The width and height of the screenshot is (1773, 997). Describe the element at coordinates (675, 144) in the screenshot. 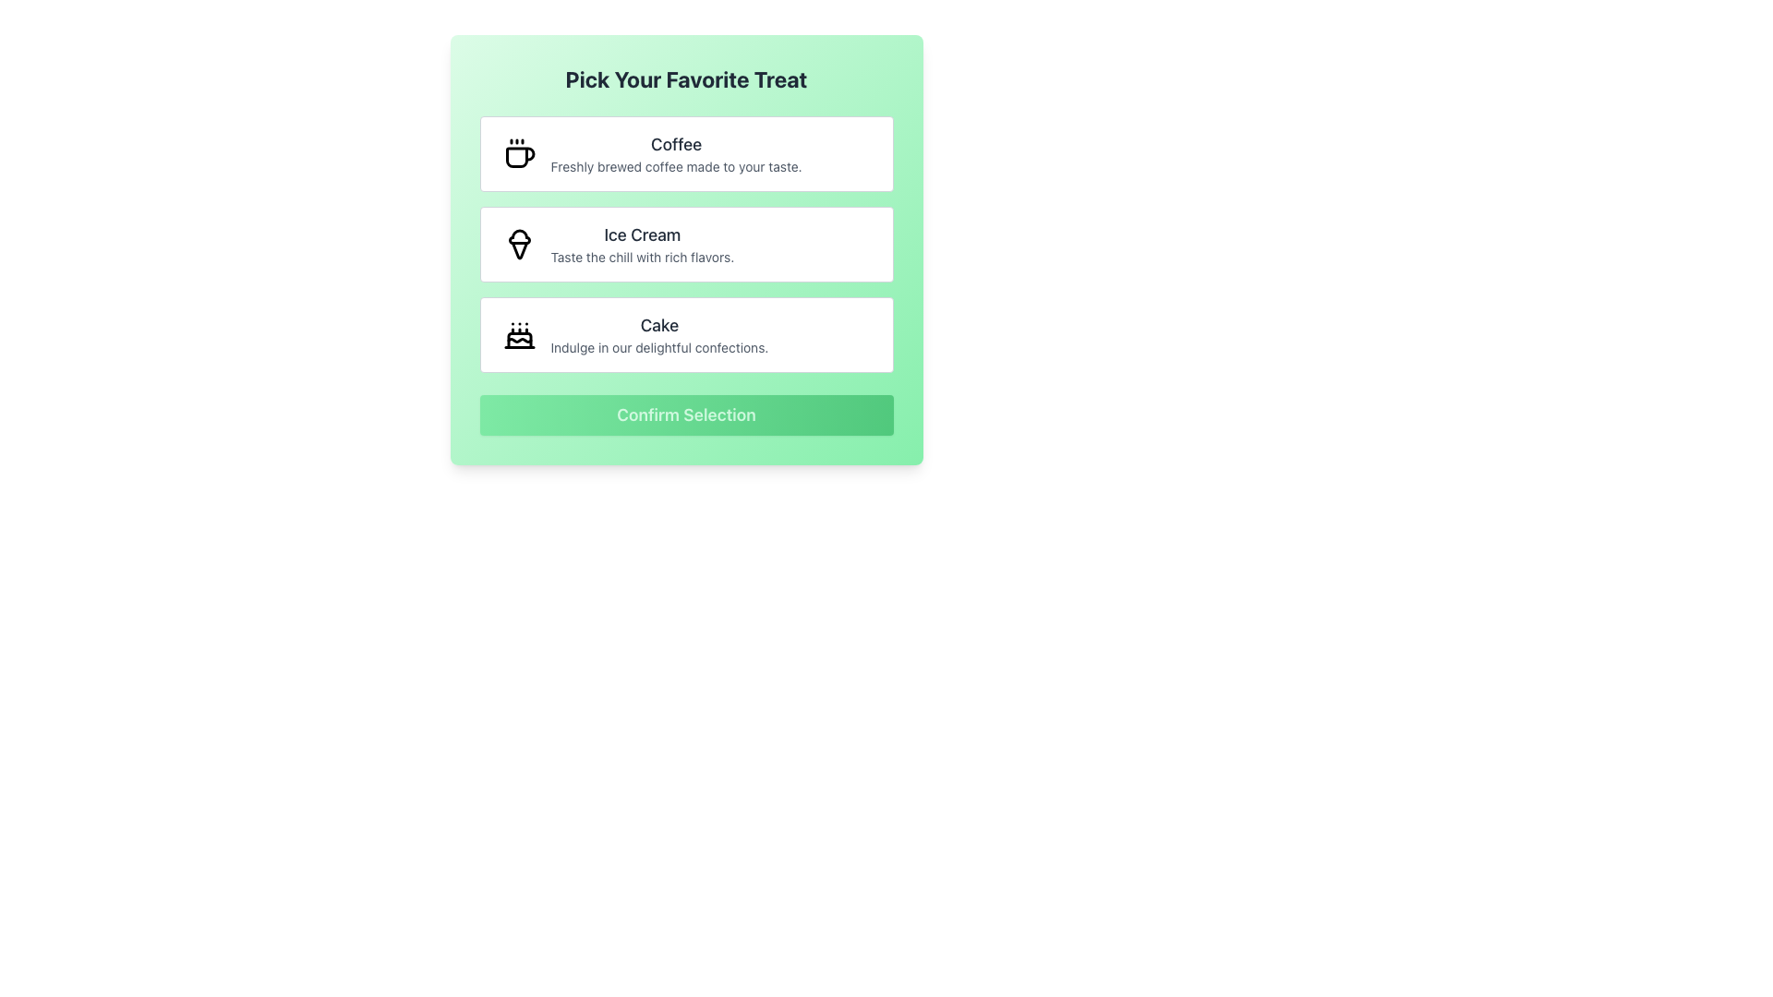

I see `the text label displaying 'Coffee', which is positioned at the top of the page in a vertically stacked selection menu, above the description text and to the right of a coffee cup icon` at that location.